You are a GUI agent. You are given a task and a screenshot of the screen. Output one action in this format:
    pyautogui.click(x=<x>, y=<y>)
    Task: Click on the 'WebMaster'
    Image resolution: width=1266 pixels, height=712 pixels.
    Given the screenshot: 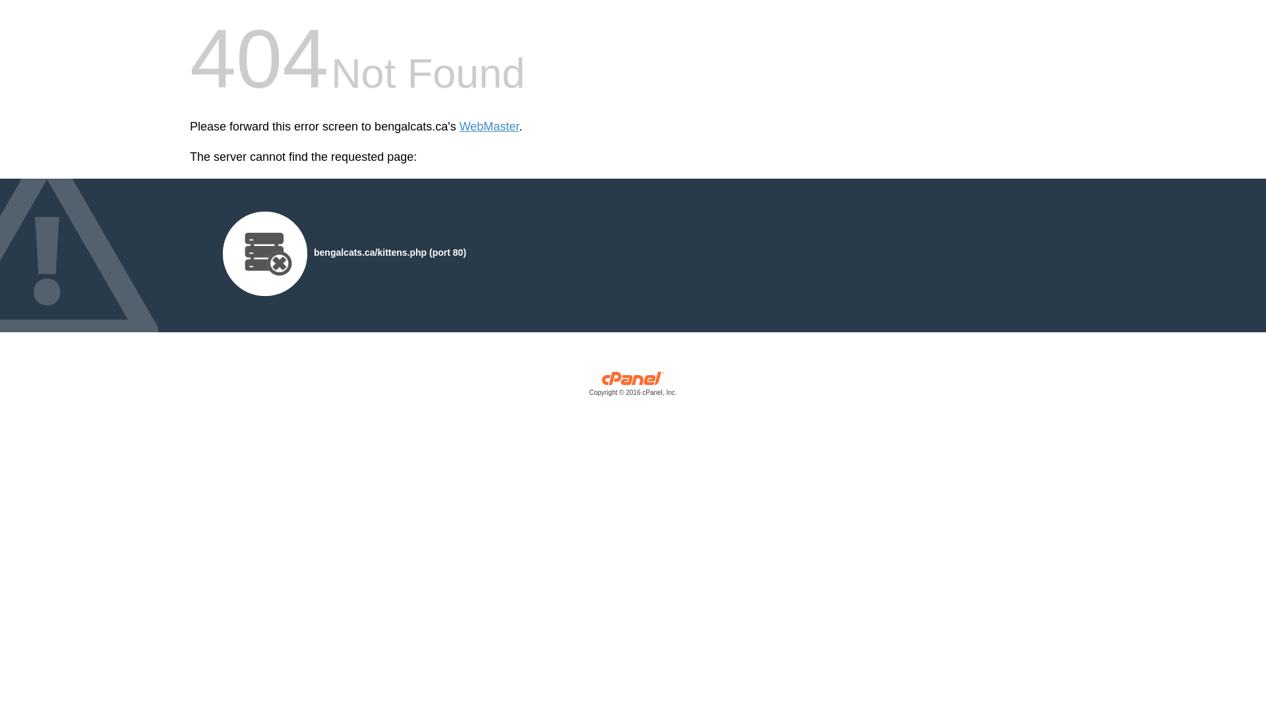 What is the action you would take?
    pyautogui.click(x=459, y=127)
    